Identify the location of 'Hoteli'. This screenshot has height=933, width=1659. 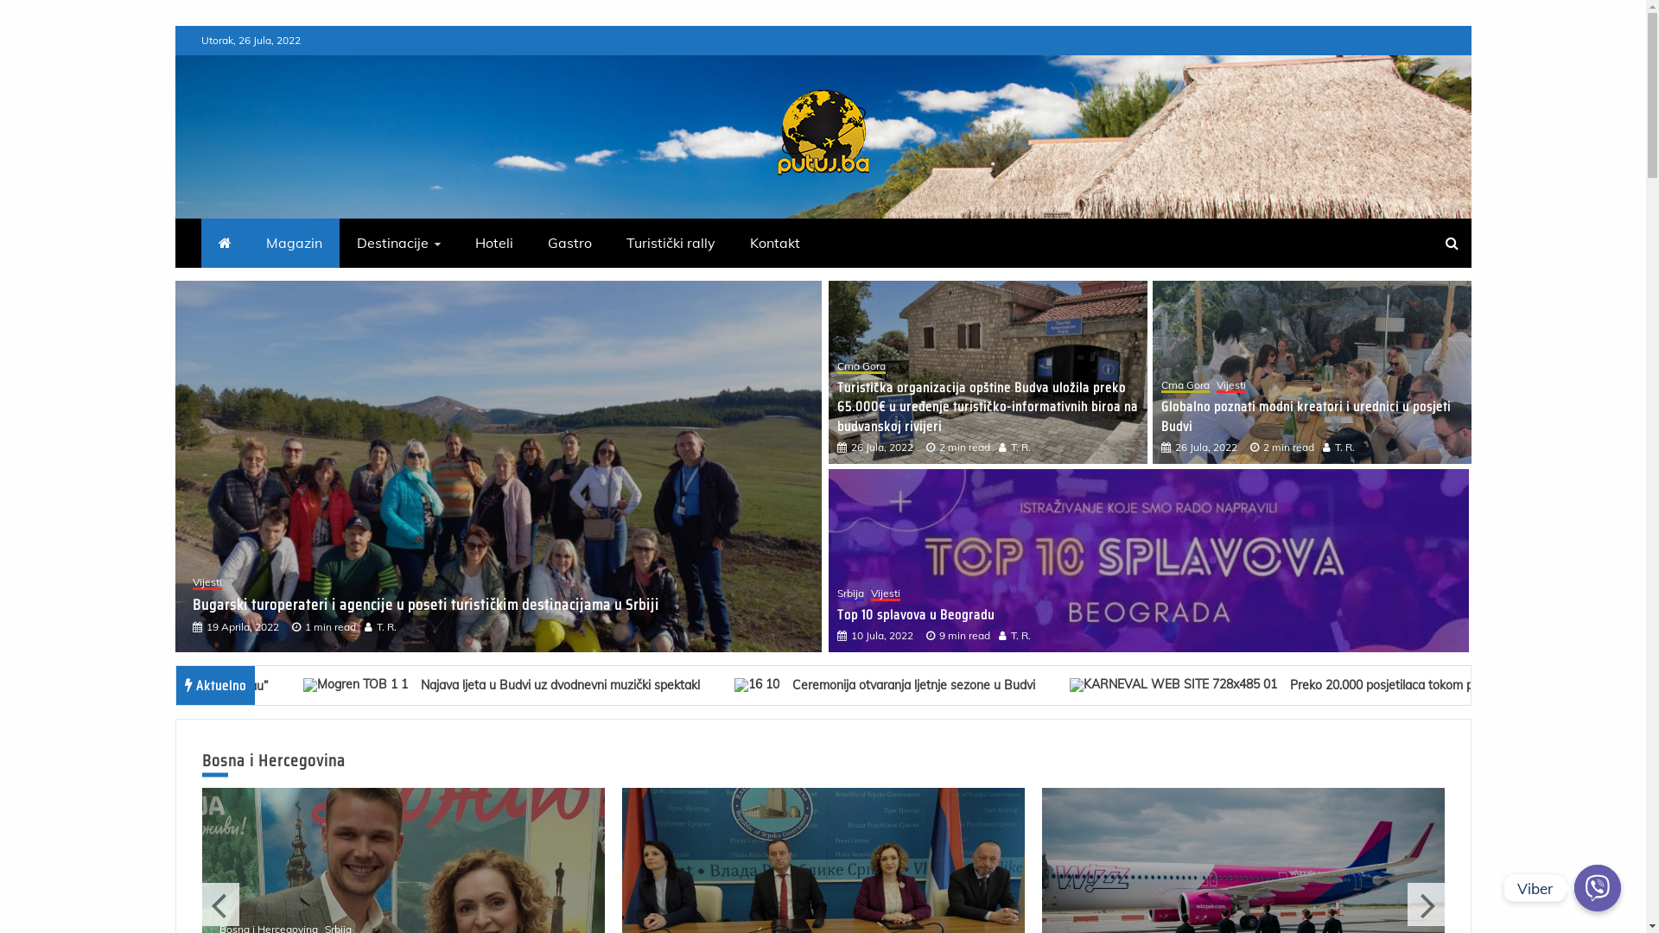
(457, 243).